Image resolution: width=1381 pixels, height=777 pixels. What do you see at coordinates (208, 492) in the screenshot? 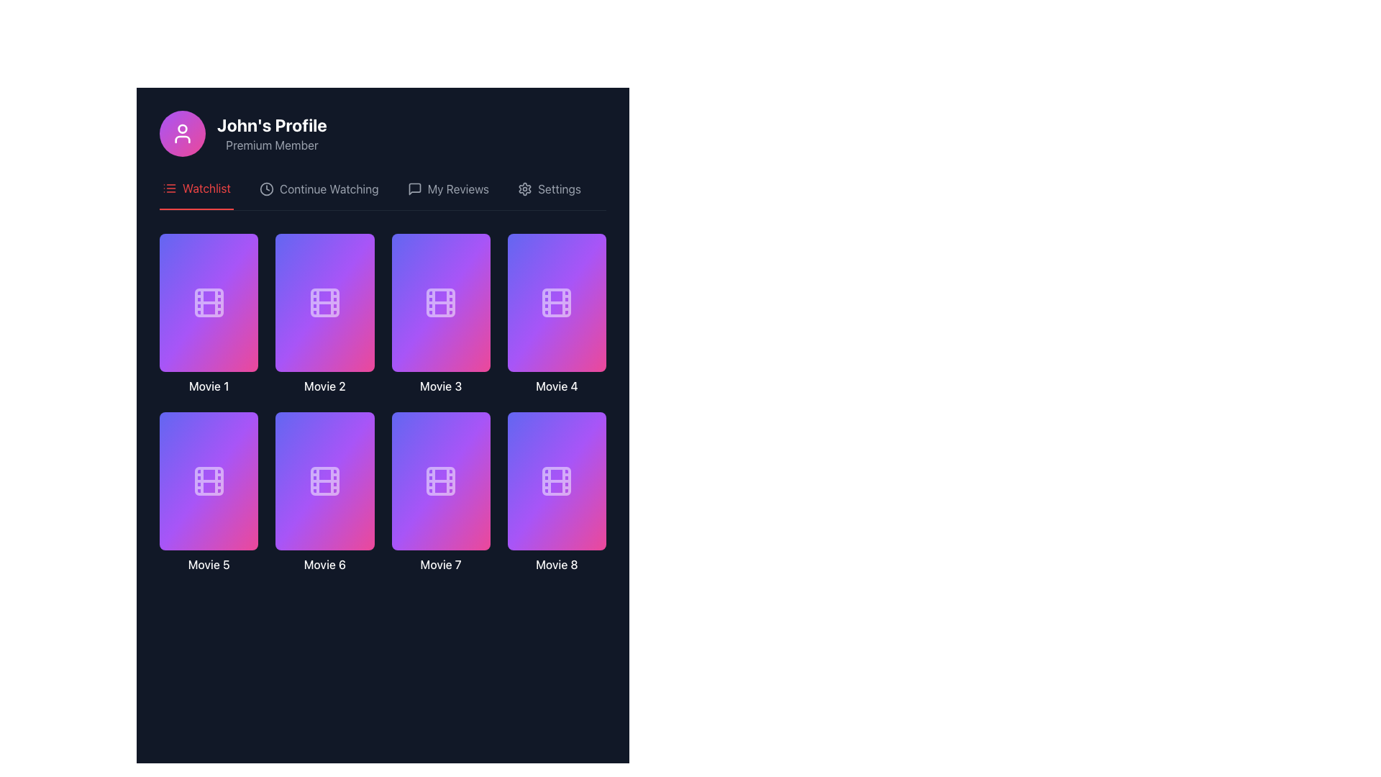
I see `the Clickable content tile labeled 'Movie 5', which is a rectangular tile with a gradient background from purple to pink and a white film icon at its center` at bounding box center [208, 492].